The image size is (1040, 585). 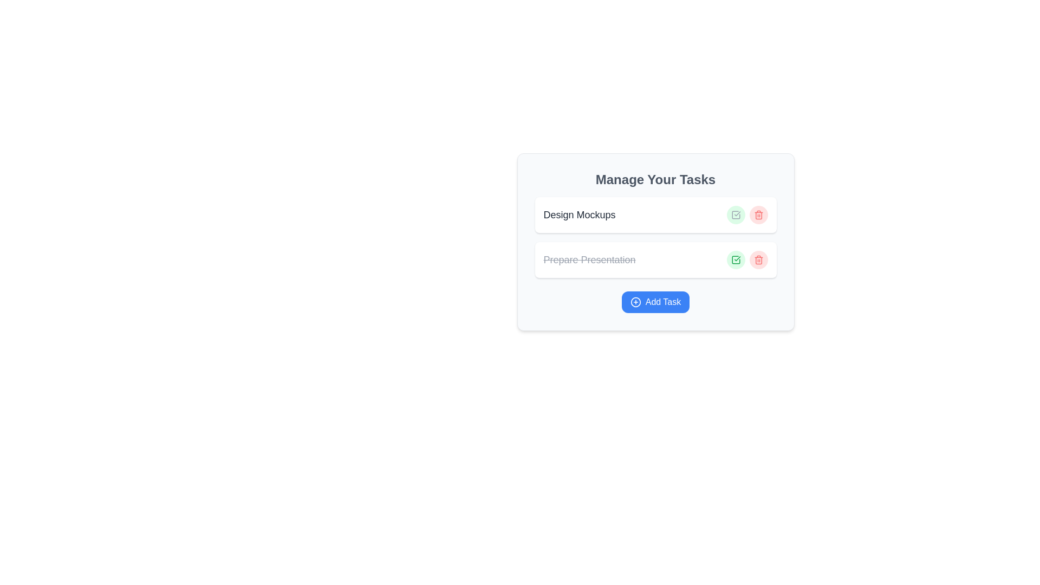 What do you see at coordinates (758, 259) in the screenshot?
I see `the delete button with an SVG icon located on the right side of the second task in the task manager interface` at bounding box center [758, 259].